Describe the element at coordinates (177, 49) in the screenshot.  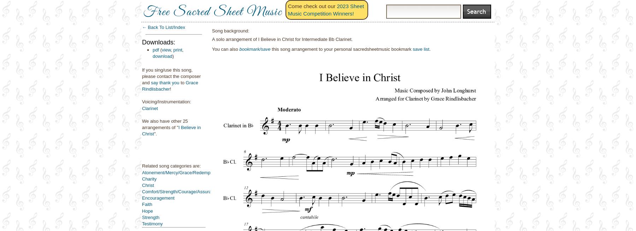
I see `'print'` at that location.